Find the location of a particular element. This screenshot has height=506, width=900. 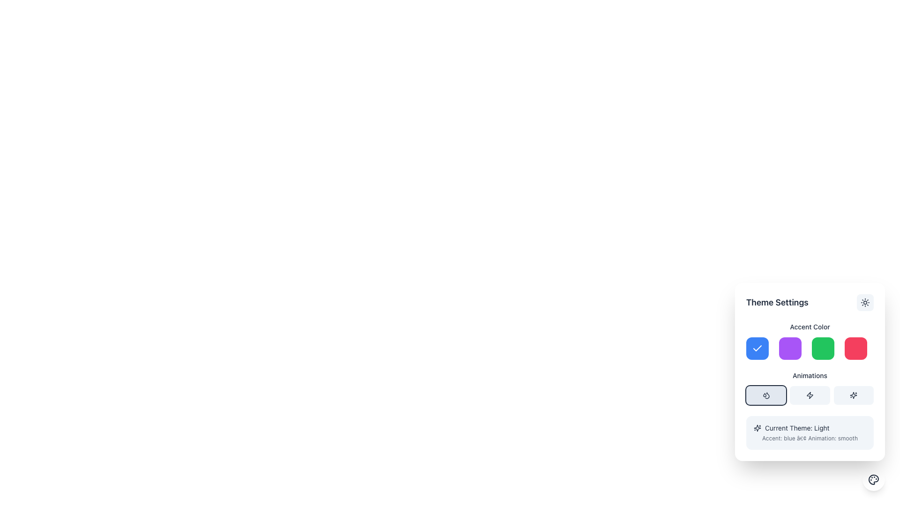

the purple color selection button, which is the second option in its row, positioned between the blue button on the left and the green button on the right is located at coordinates (789, 349).